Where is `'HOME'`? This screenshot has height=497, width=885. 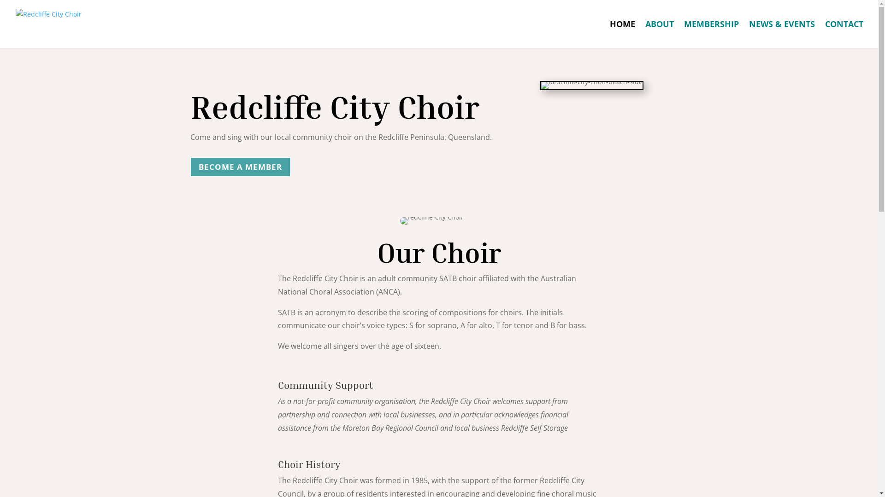
'HOME' is located at coordinates (622, 34).